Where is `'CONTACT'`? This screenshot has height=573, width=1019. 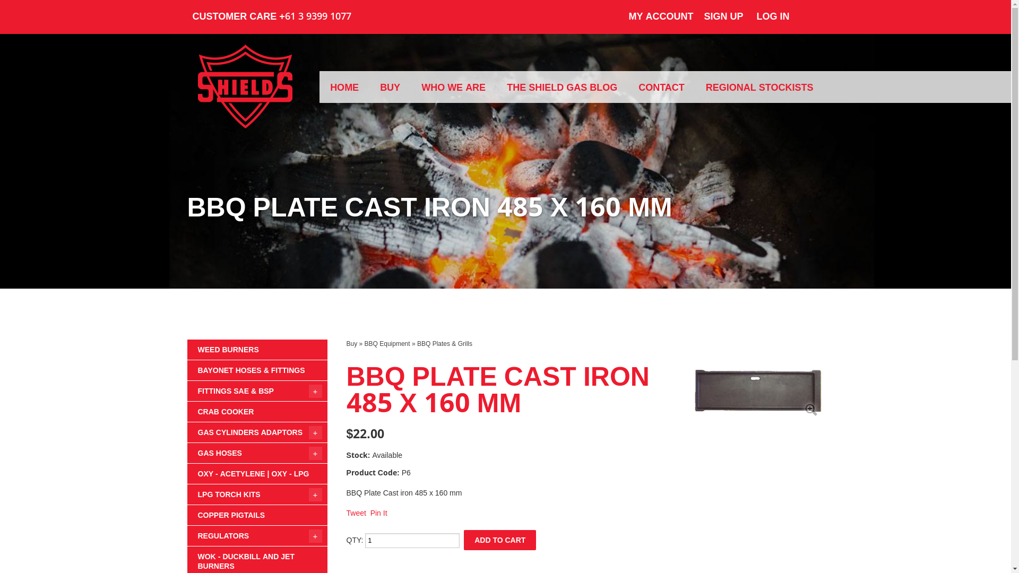
'CONTACT' is located at coordinates (661, 86).